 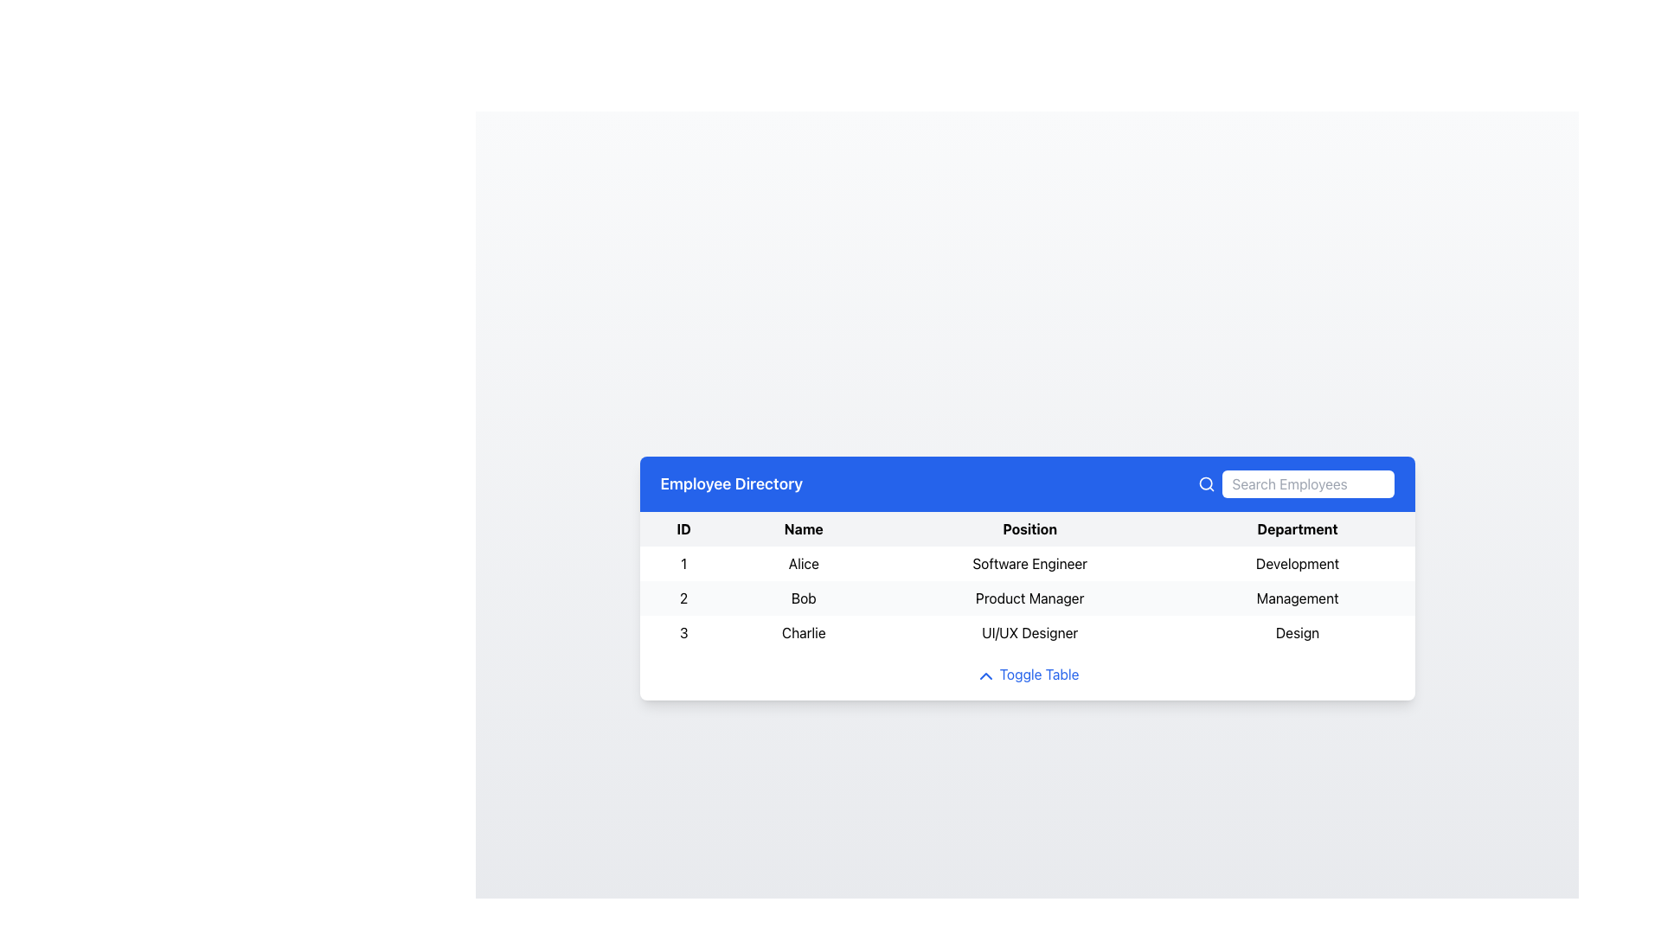 What do you see at coordinates (1027, 528) in the screenshot?
I see `the Table Header Row located at the top of the Employee Directory table to sort the table by the corresponding column labels` at bounding box center [1027, 528].